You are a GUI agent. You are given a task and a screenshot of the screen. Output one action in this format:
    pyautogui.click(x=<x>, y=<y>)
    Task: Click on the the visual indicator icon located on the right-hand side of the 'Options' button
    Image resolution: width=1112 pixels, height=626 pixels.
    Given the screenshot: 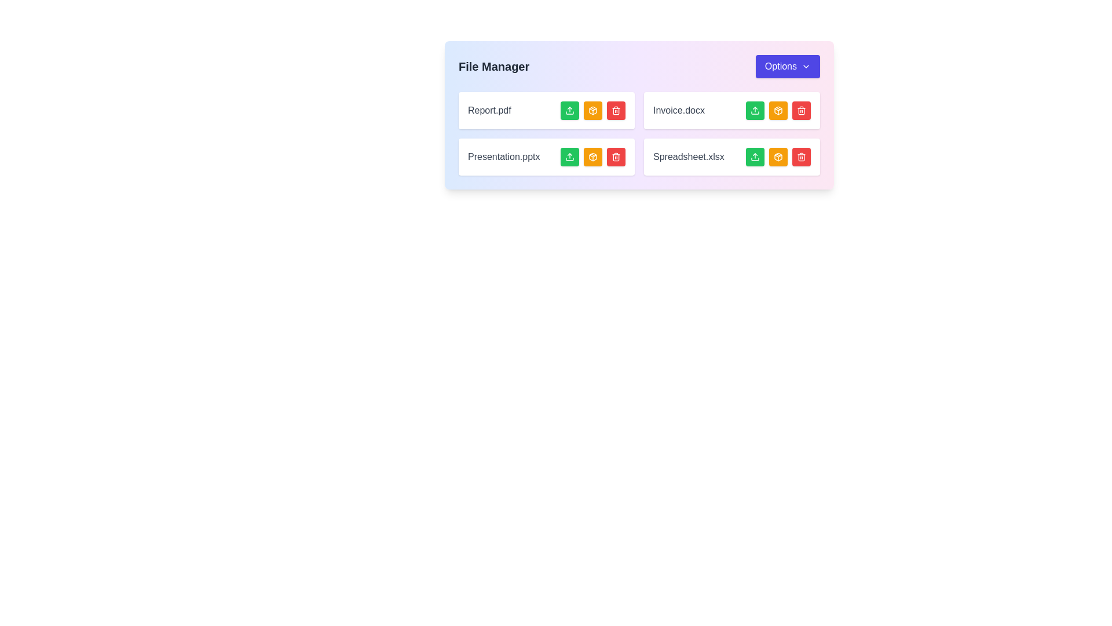 What is the action you would take?
    pyautogui.click(x=806, y=67)
    